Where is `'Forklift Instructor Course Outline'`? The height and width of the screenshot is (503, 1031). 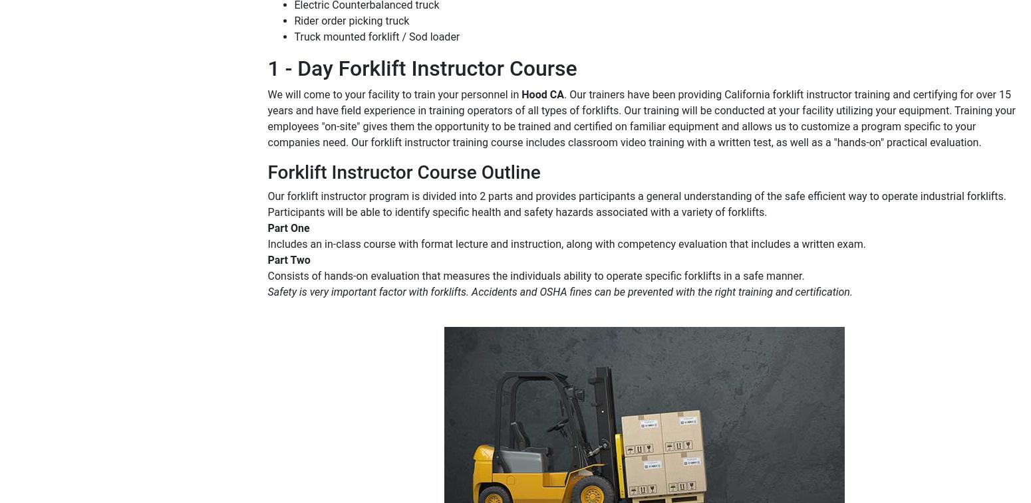
'Forklift Instructor Course Outline' is located at coordinates (403, 171).